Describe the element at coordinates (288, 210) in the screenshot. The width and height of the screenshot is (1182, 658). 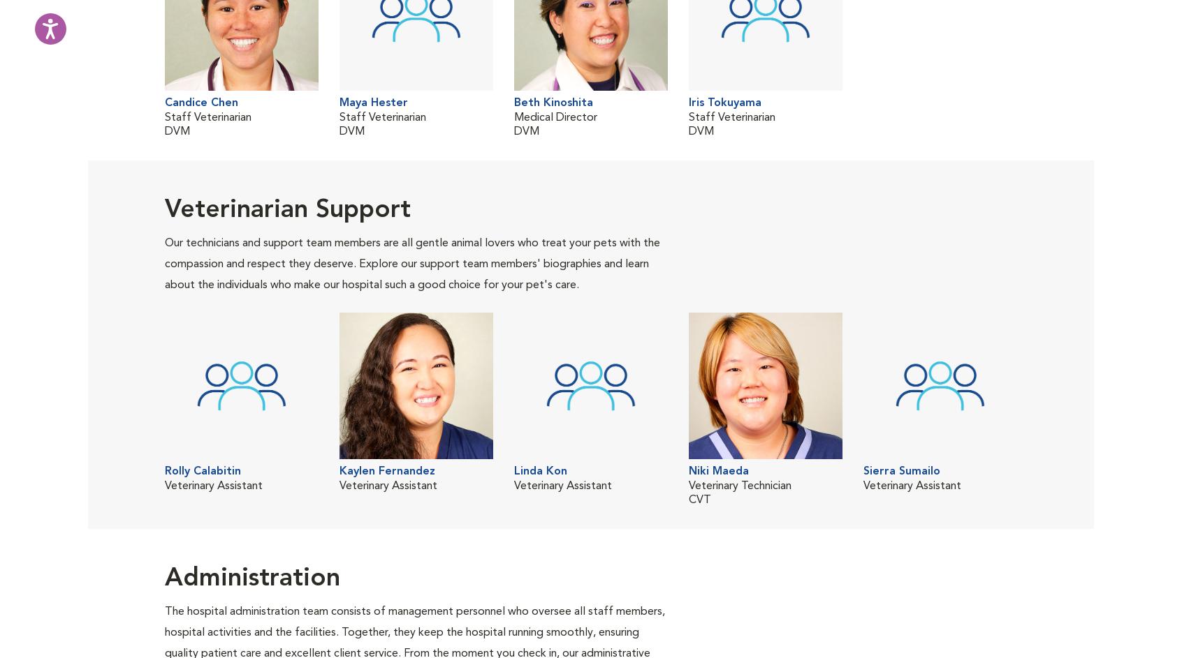
I see `'Veterinarian Support'` at that location.